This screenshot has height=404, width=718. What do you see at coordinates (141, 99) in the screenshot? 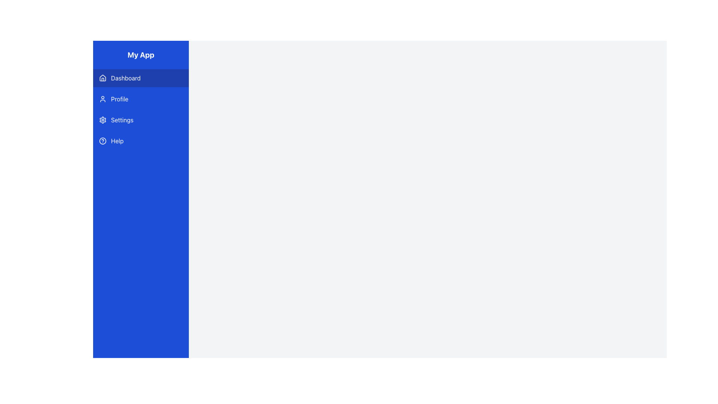
I see `the 'Profile' navigation button located in the vertical menu on the left side of the interface, positioned directly below 'Dashboard' and above 'Settings'` at bounding box center [141, 99].